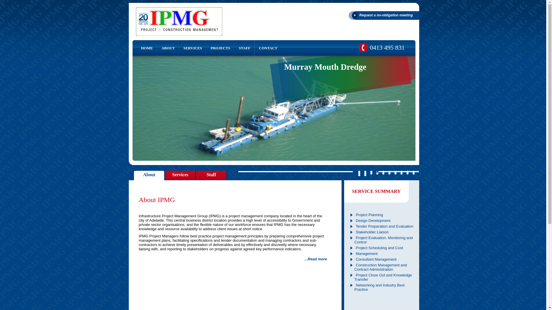 The image size is (552, 310). Describe the element at coordinates (365, 173) in the screenshot. I see `'12'` at that location.